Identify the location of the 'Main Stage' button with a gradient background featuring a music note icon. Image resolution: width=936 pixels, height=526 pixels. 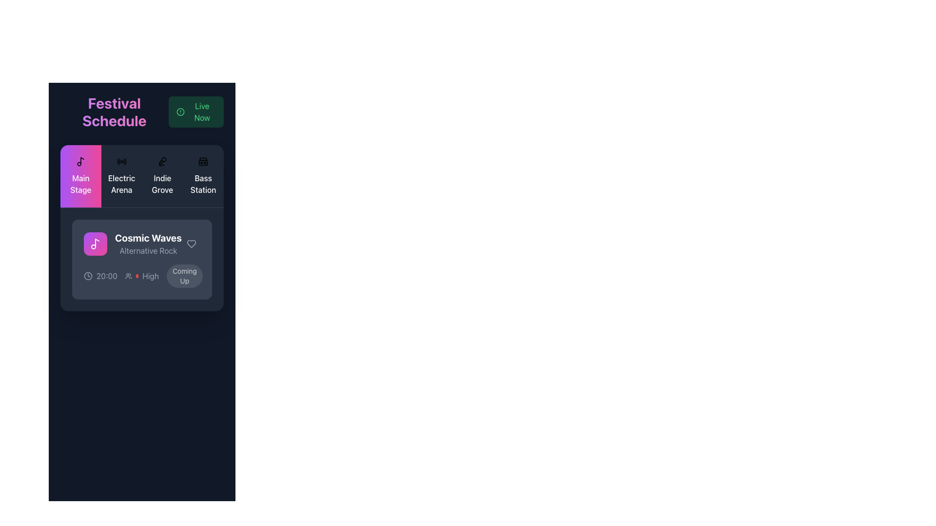
(80, 176).